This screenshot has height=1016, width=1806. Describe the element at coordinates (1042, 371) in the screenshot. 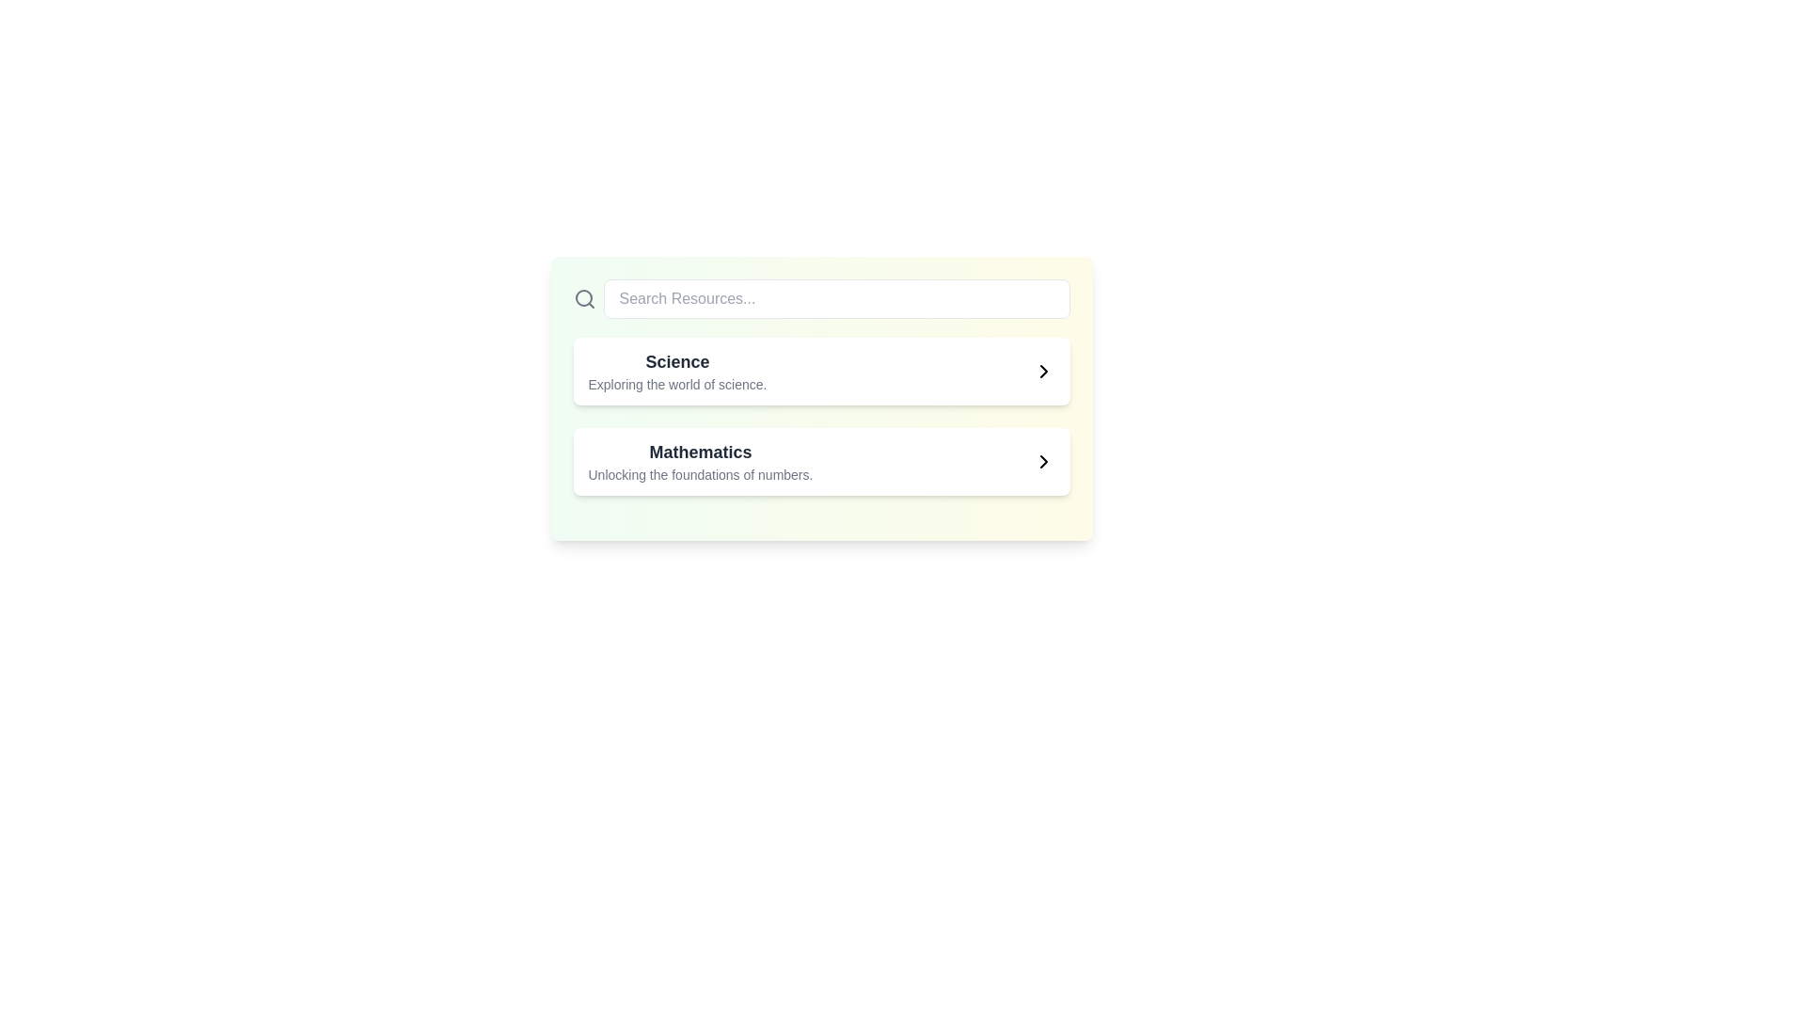

I see `the right-pointing chevron icon located at the far right of the 'Mathematics' button row` at that location.